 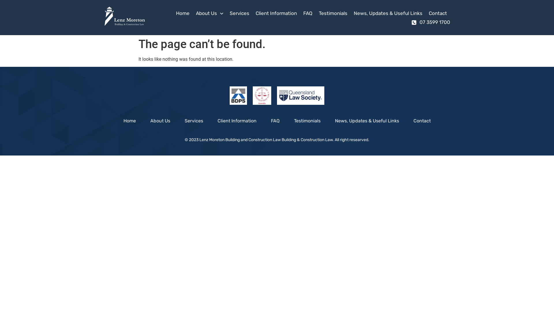 I want to click on 'FAQ', so click(x=275, y=121).